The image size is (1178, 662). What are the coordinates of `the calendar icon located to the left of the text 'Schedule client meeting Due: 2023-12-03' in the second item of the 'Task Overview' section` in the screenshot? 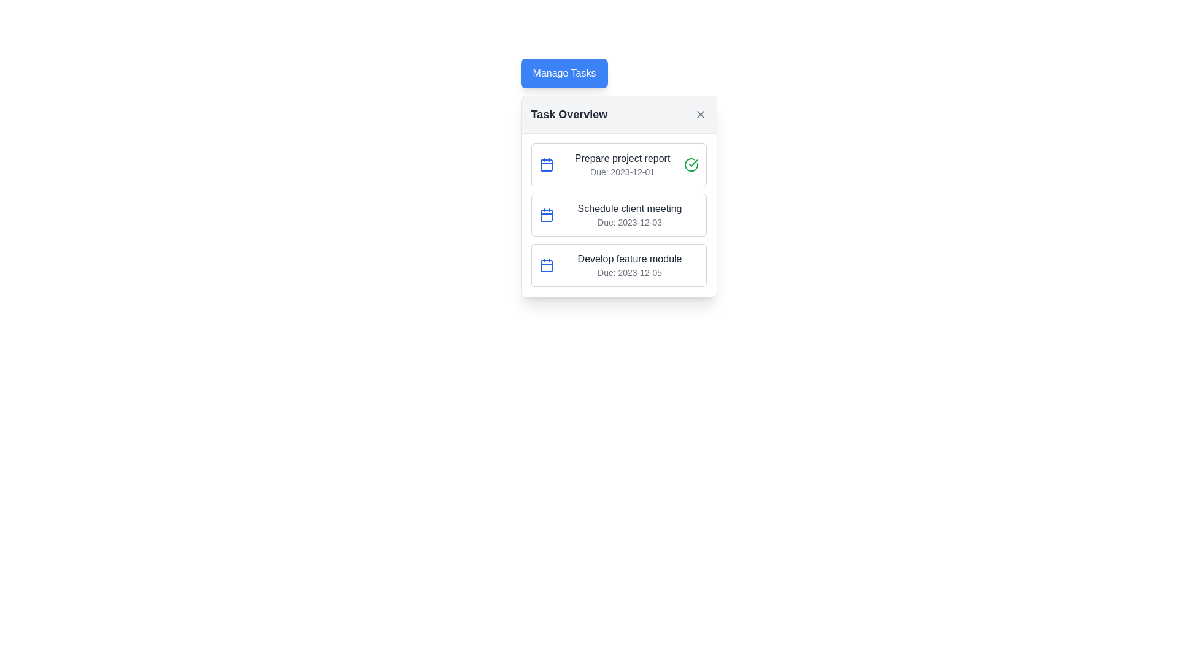 It's located at (545, 215).